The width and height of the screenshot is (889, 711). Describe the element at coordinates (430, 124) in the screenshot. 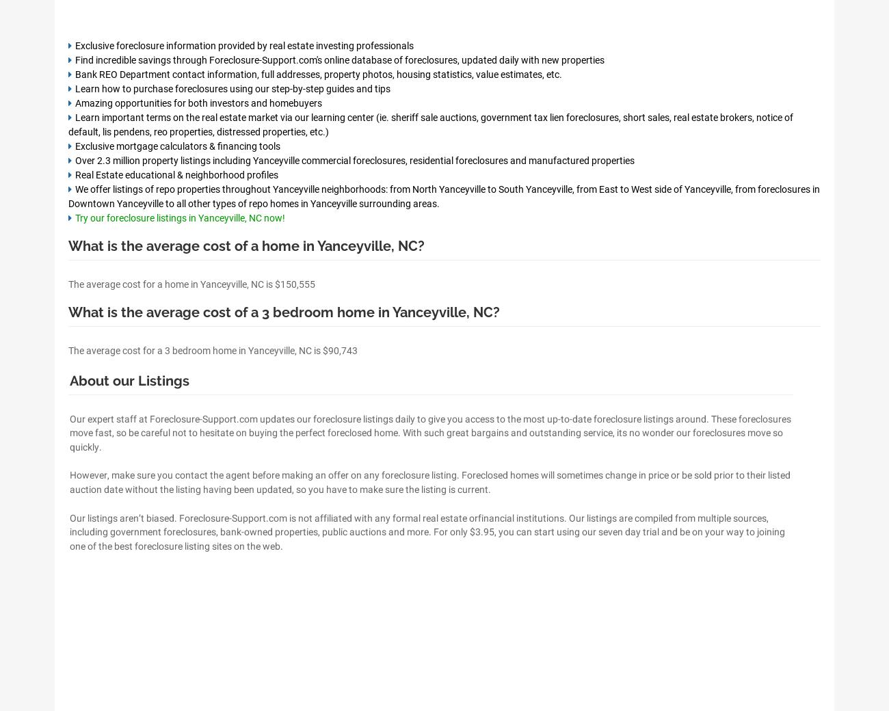

I see `'Learn important terms on the real estate market via our learning center (ie. sheriff sale auctions, government tax lien foreclosures, short sales, real estate brokers, notice of default, lis pendens, reo properties, distressed properties, etc.)'` at that location.